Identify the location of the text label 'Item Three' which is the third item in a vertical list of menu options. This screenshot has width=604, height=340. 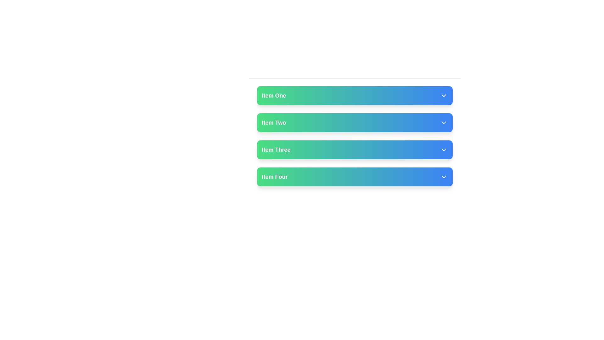
(276, 150).